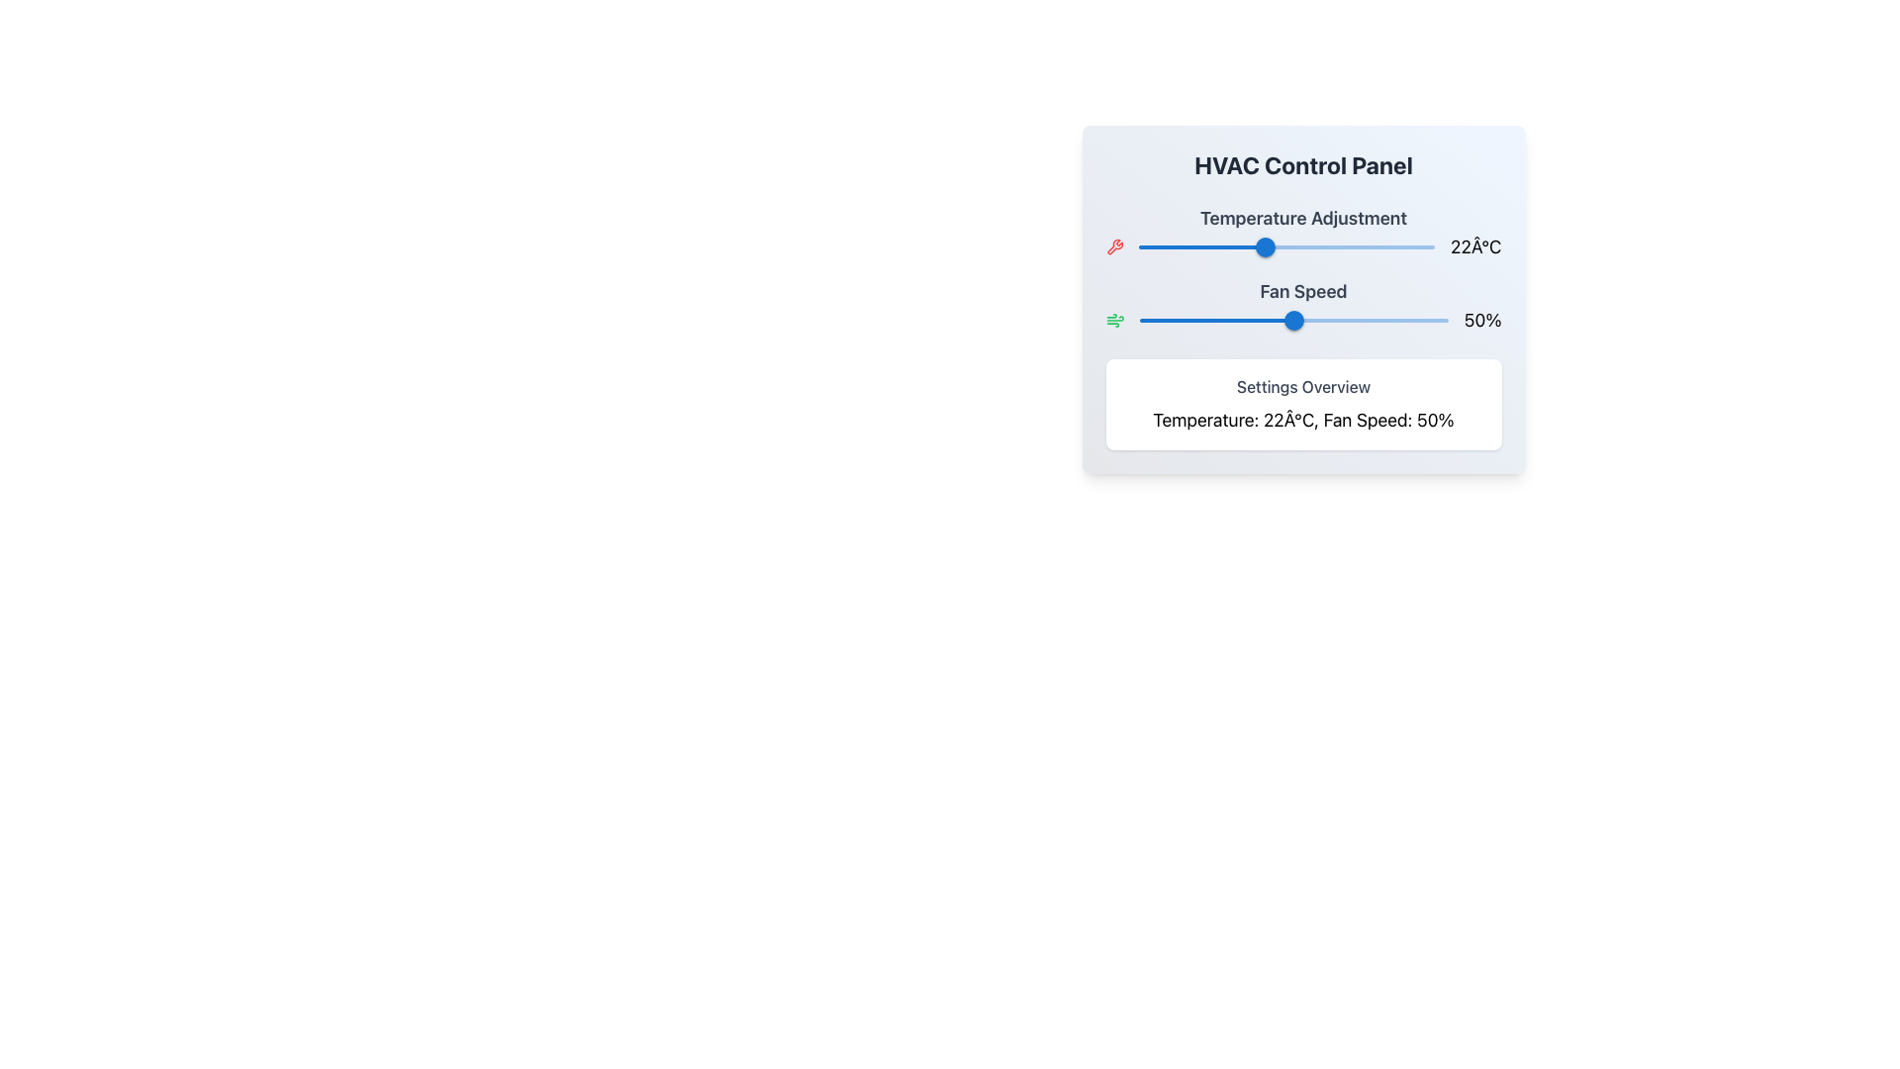 This screenshot has width=1900, height=1069. Describe the element at coordinates (1188, 320) in the screenshot. I see `the slider value` at that location.